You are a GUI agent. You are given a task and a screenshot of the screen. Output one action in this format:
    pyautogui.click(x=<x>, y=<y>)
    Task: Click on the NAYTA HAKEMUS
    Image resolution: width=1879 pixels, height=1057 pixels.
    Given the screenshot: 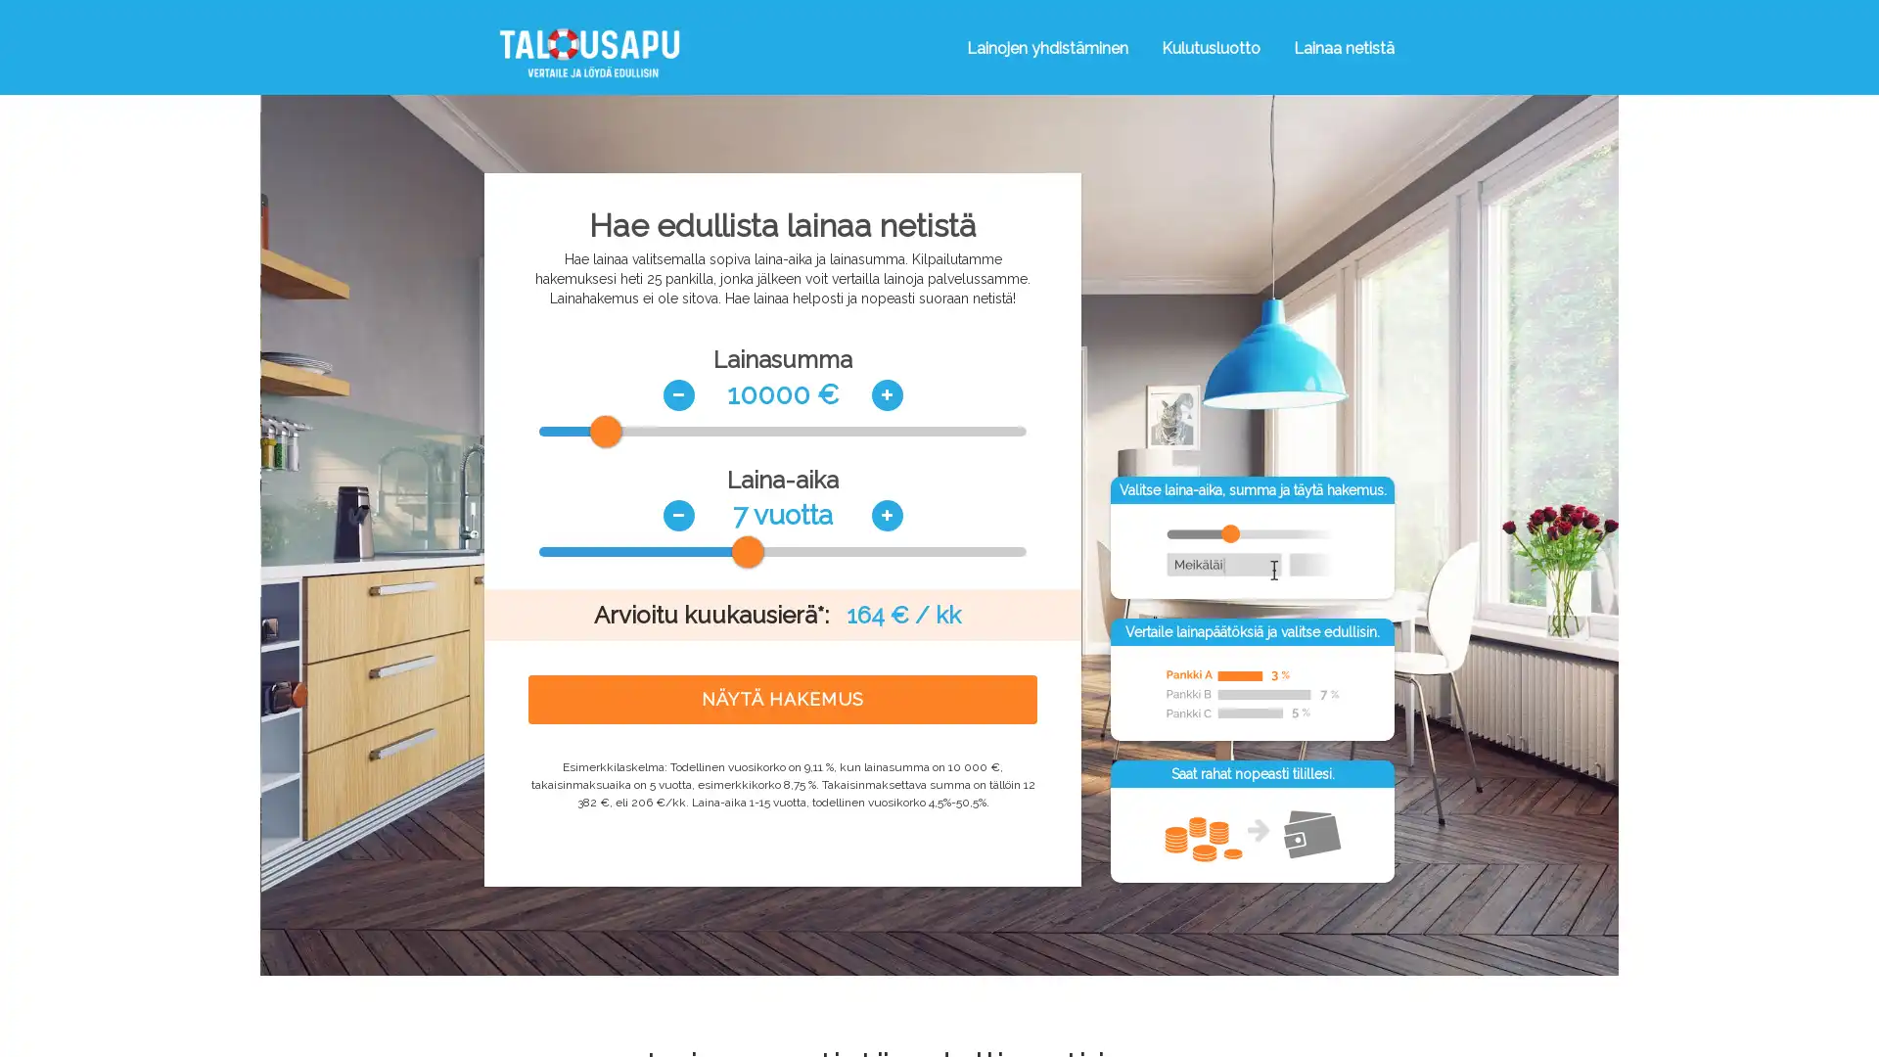 What is the action you would take?
    pyautogui.click(x=781, y=698)
    